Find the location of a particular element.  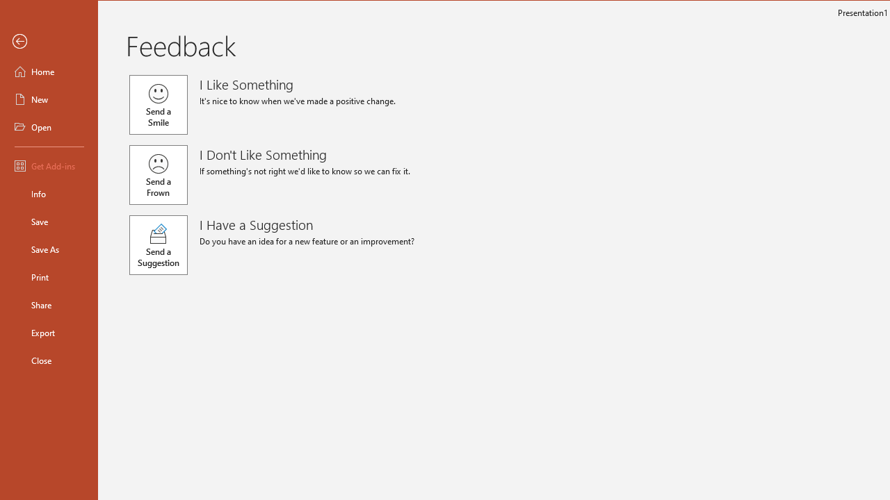

'Export' is located at coordinates (49, 333).